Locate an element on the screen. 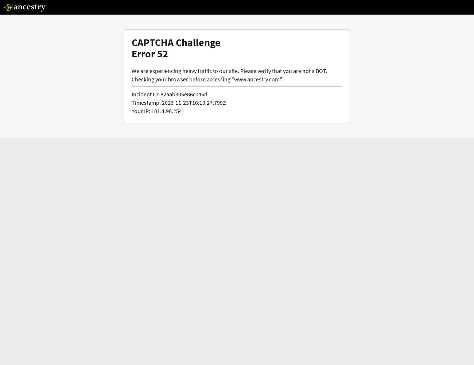 This screenshot has height=365, width=474. 'We are experiencing heavy traffic to our site. Please verify that you are not a BOT.' is located at coordinates (229, 70).